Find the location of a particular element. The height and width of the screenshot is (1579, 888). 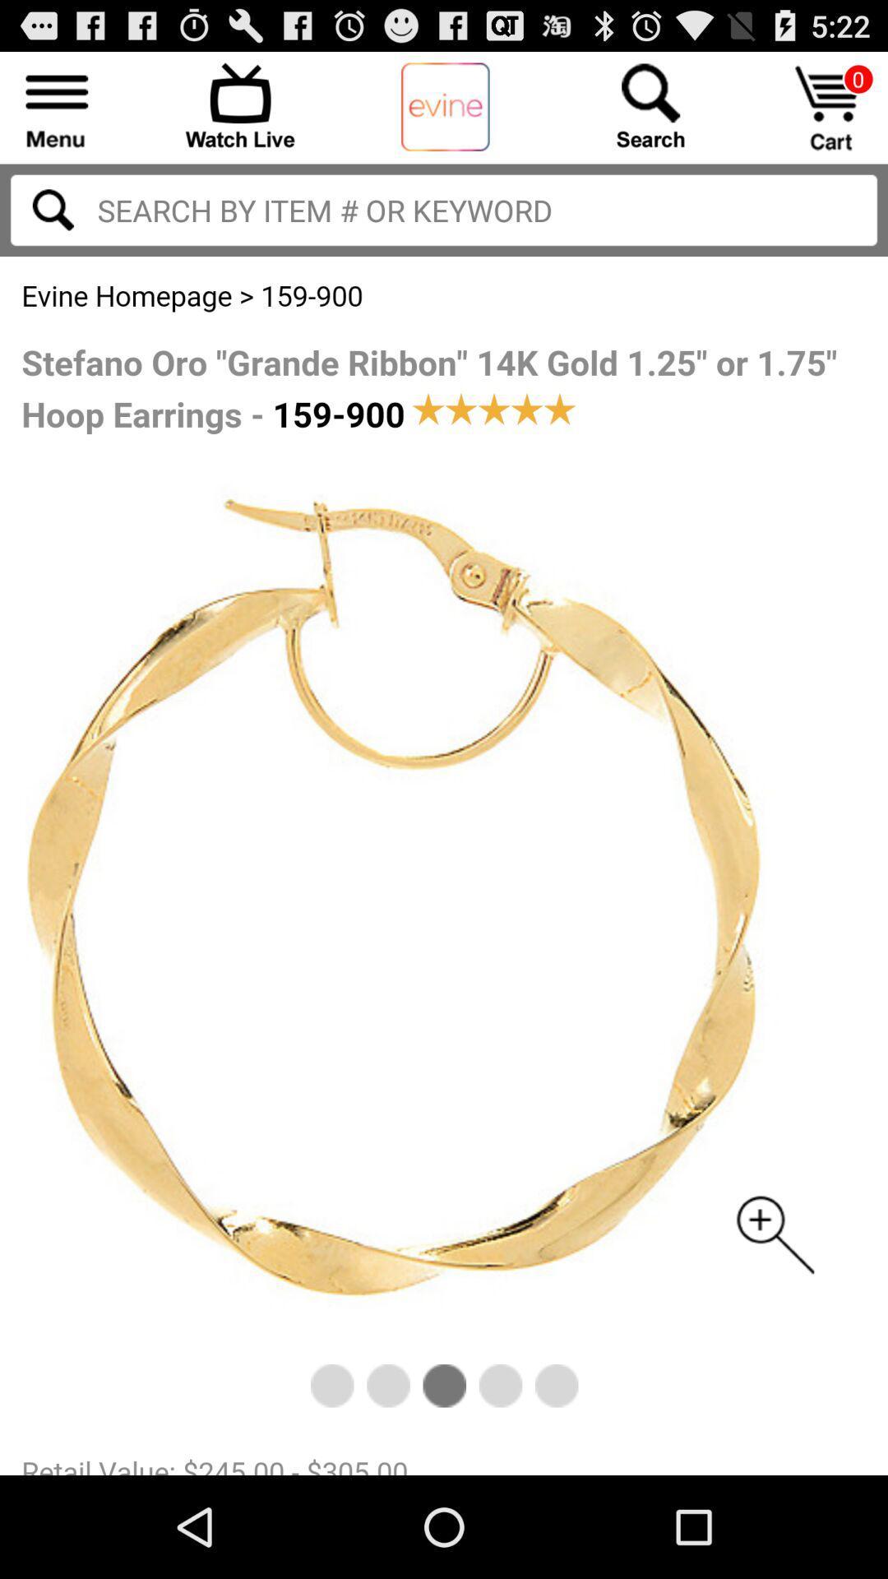

search is located at coordinates (52, 209).